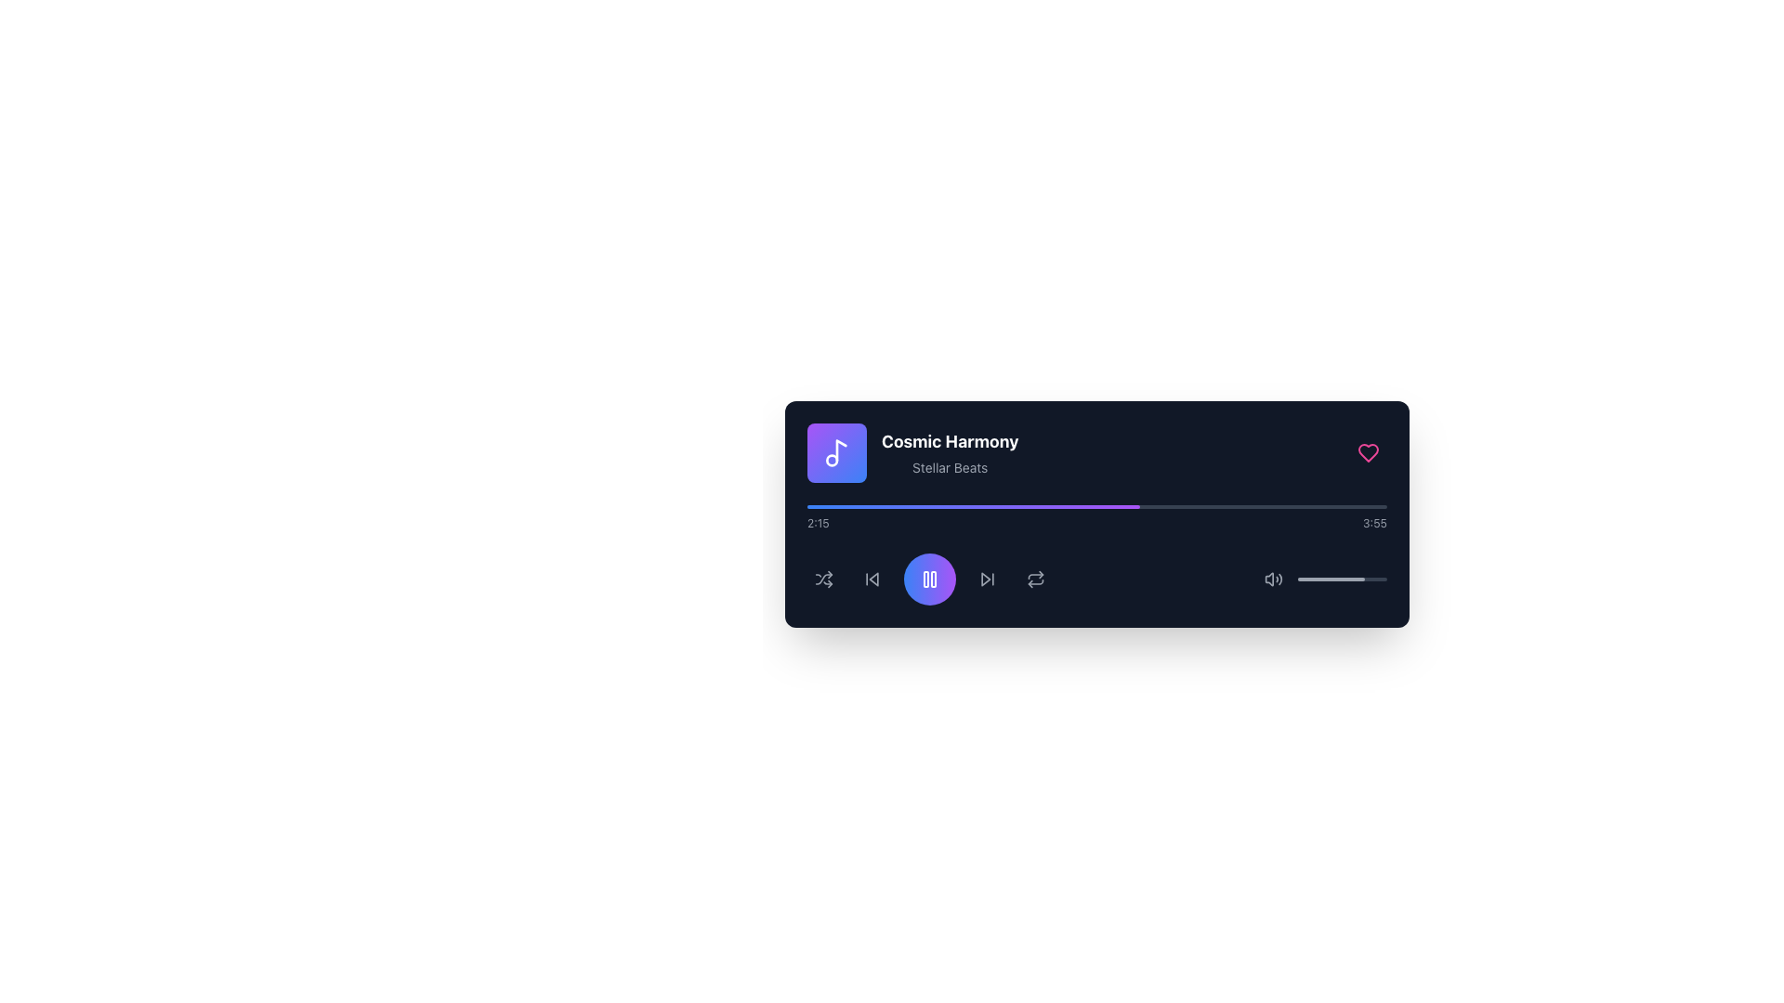 This screenshot has width=1784, height=1003. I want to click on playback time, so click(940, 507).